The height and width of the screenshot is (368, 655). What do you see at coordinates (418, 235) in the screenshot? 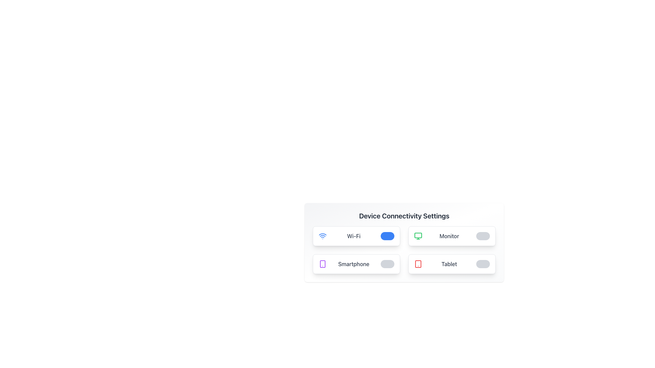
I see `properties of the rectangle element that is part of the monitor icon in the top-right quadrant of the UI layout` at bounding box center [418, 235].